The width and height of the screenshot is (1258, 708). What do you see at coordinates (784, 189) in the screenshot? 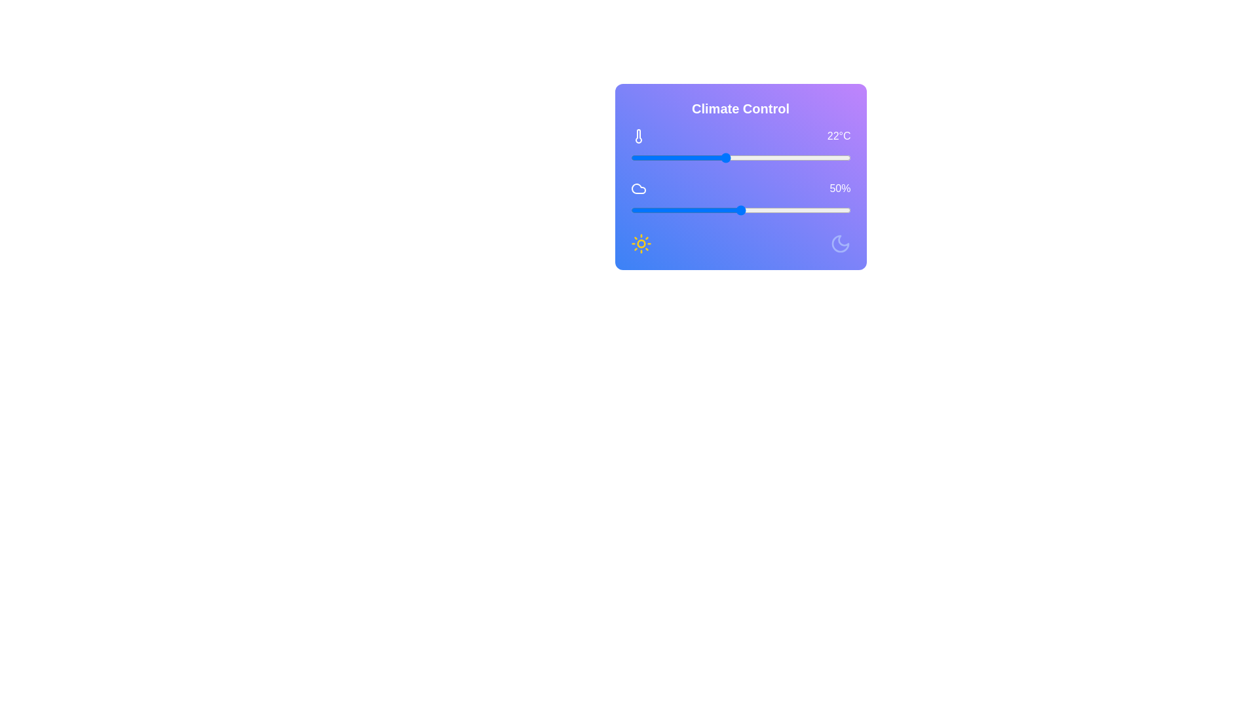
I see `the slider` at bounding box center [784, 189].